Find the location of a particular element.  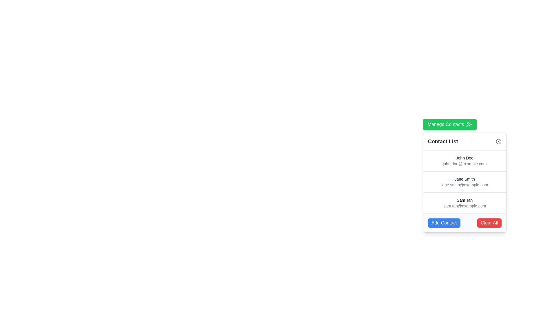

the list item displaying the contact name 'Sam Tan' and email 'sam.tan@example.com' is located at coordinates (464, 203).